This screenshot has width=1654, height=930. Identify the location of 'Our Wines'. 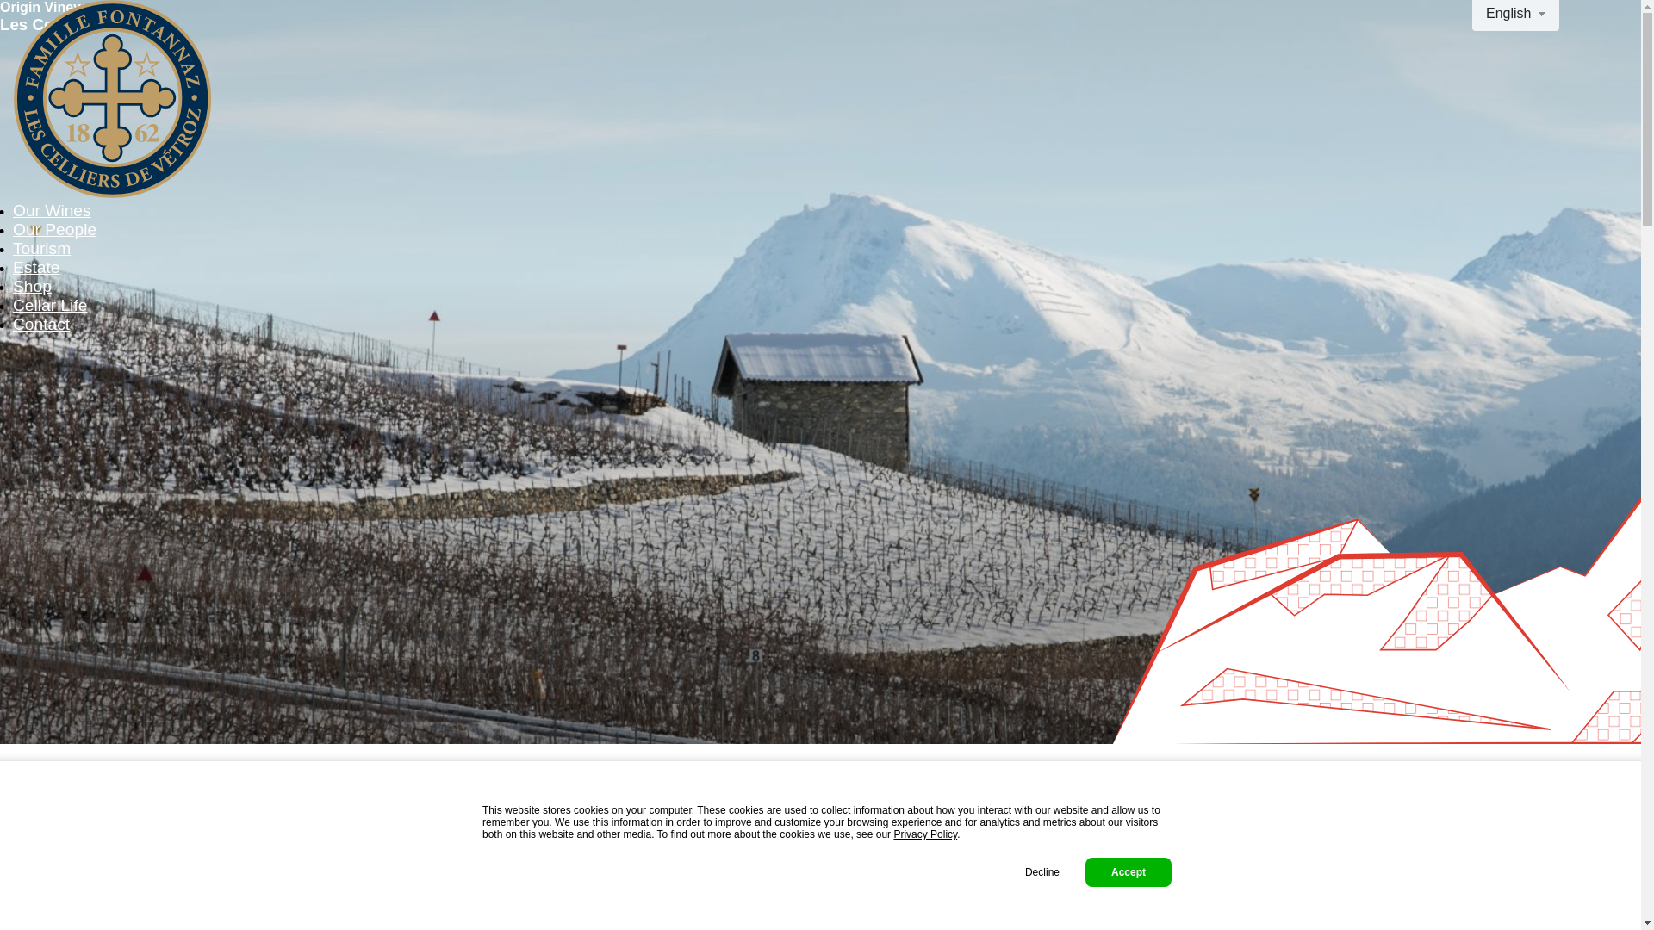
(12, 209).